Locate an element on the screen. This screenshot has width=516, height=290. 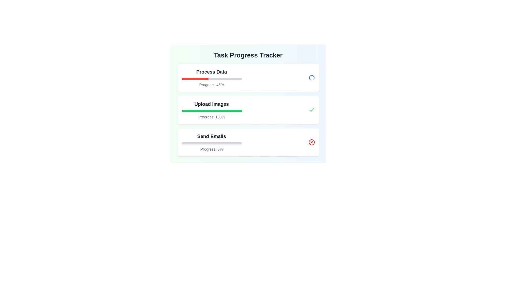
the completion status icon located in the 'Upload Images' status card, which is positioned at the right-hand corner of the card is located at coordinates (311, 110).